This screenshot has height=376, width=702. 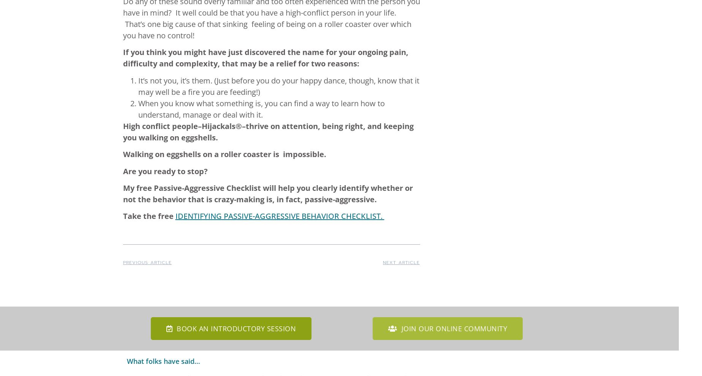 I want to click on 'Book an Introductory Session', so click(x=236, y=329).